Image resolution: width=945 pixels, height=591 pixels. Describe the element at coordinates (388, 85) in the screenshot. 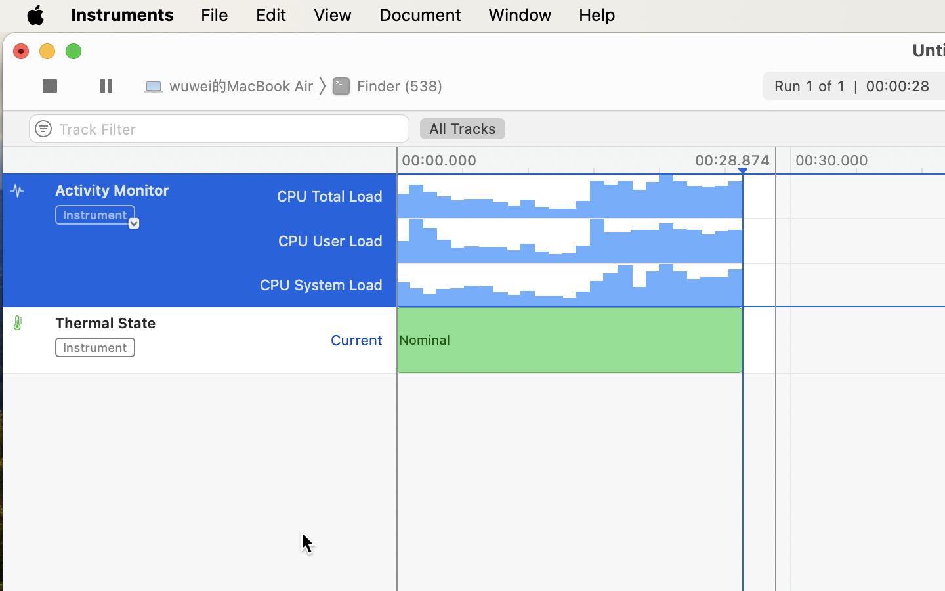

I see `'Finder (538)'` at that location.